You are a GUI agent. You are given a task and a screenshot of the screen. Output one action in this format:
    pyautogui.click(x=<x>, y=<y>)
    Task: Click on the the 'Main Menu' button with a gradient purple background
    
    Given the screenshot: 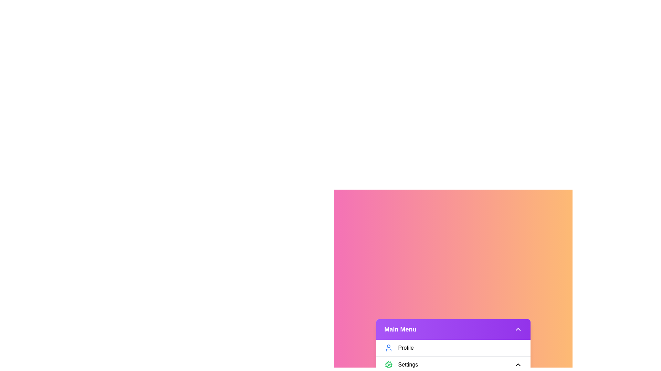 What is the action you would take?
    pyautogui.click(x=453, y=329)
    